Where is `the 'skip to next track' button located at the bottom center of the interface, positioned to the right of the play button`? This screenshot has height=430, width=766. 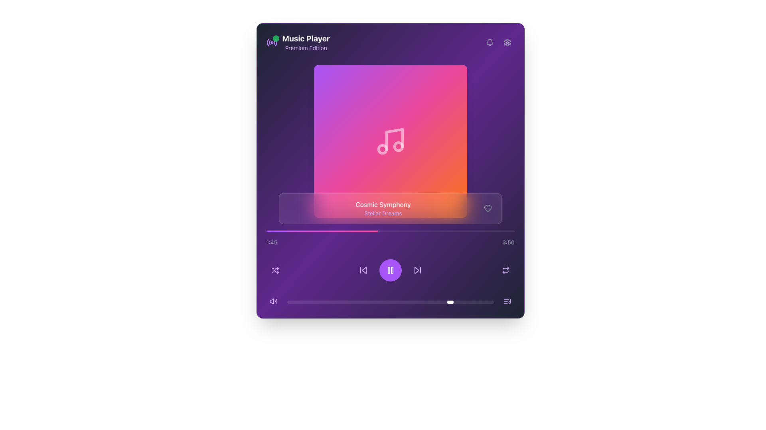
the 'skip to next track' button located at the bottom center of the interface, positioned to the right of the play button is located at coordinates (417, 270).